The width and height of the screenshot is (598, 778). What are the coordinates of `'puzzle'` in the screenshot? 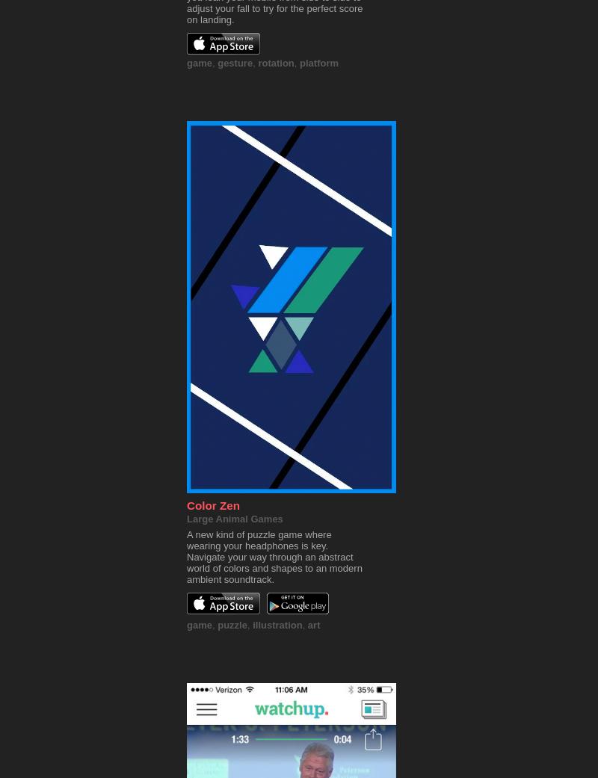 It's located at (218, 624).